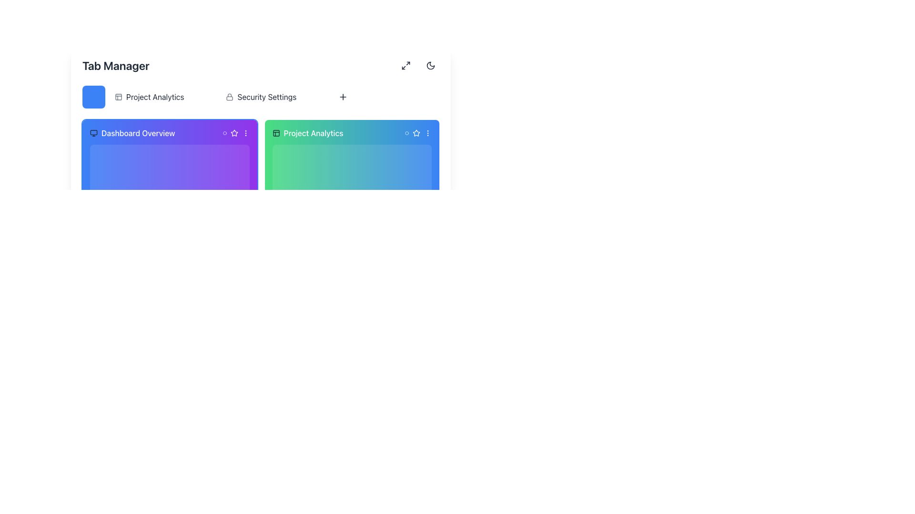  I want to click on the icon button in the top-right corner of the interface, so click(406, 65).